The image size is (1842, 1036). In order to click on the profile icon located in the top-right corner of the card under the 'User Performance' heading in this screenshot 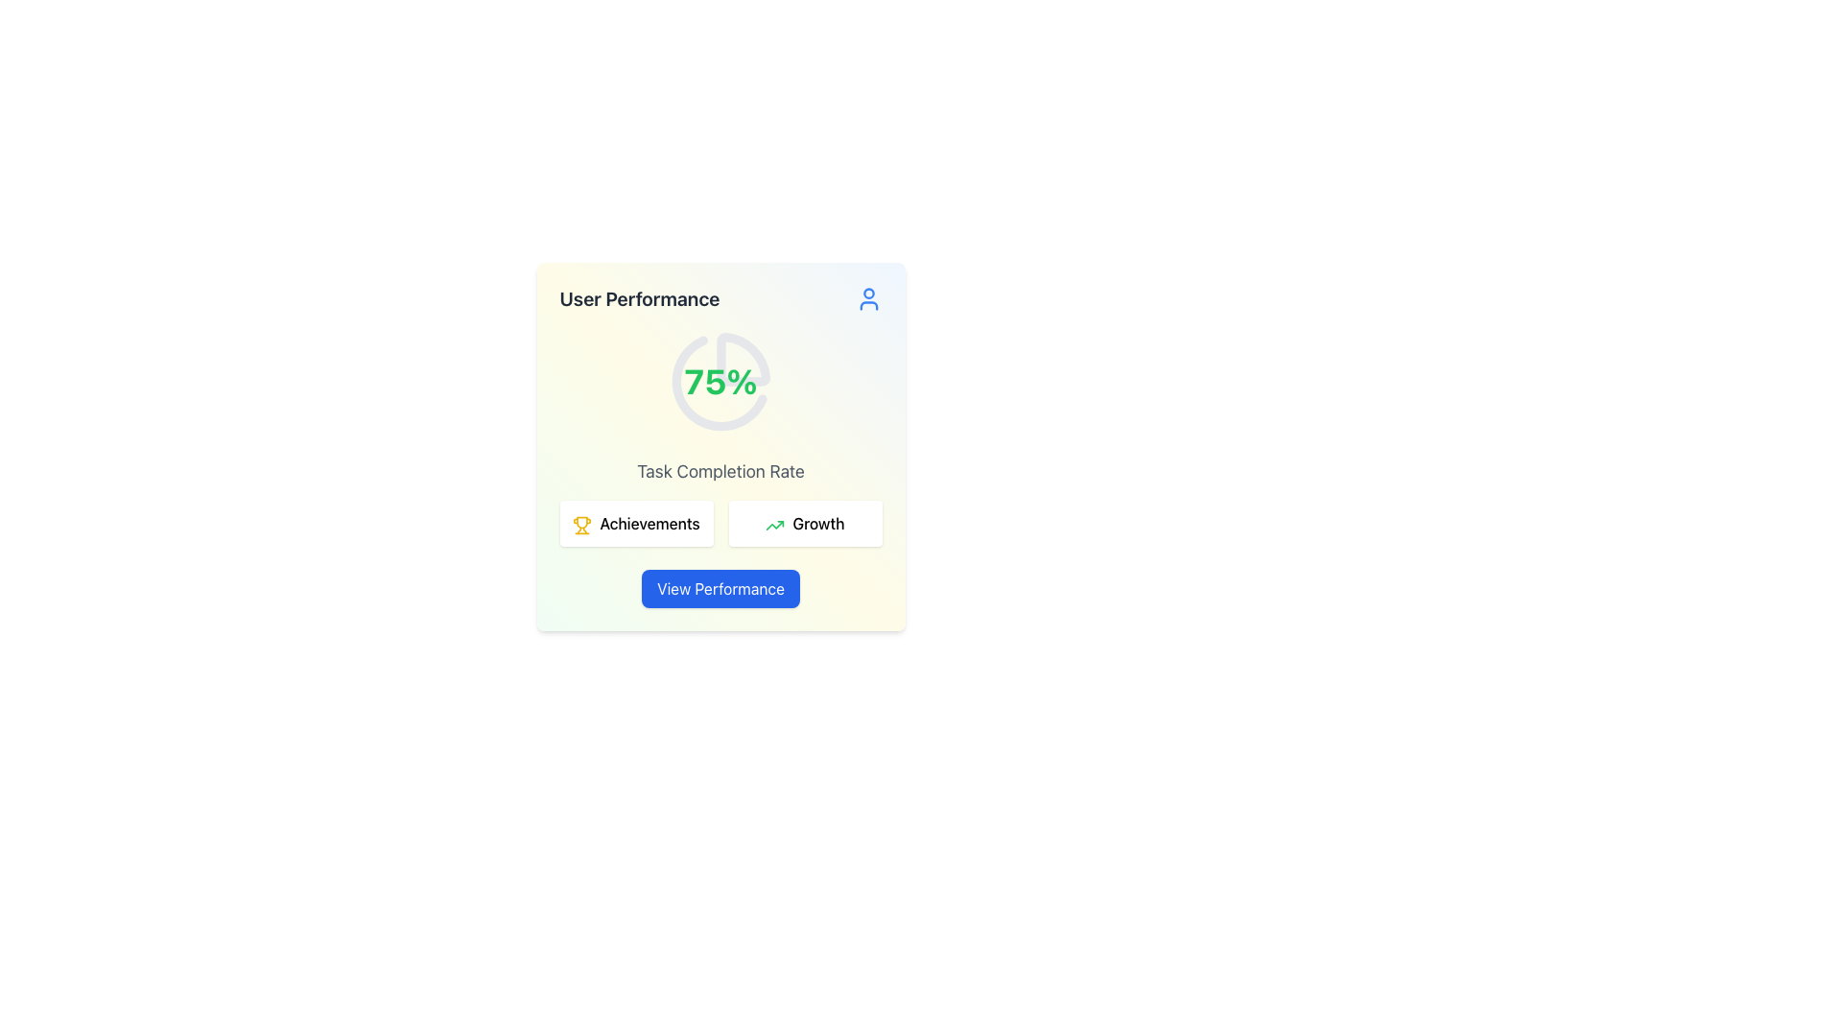, I will do `click(867, 299)`.